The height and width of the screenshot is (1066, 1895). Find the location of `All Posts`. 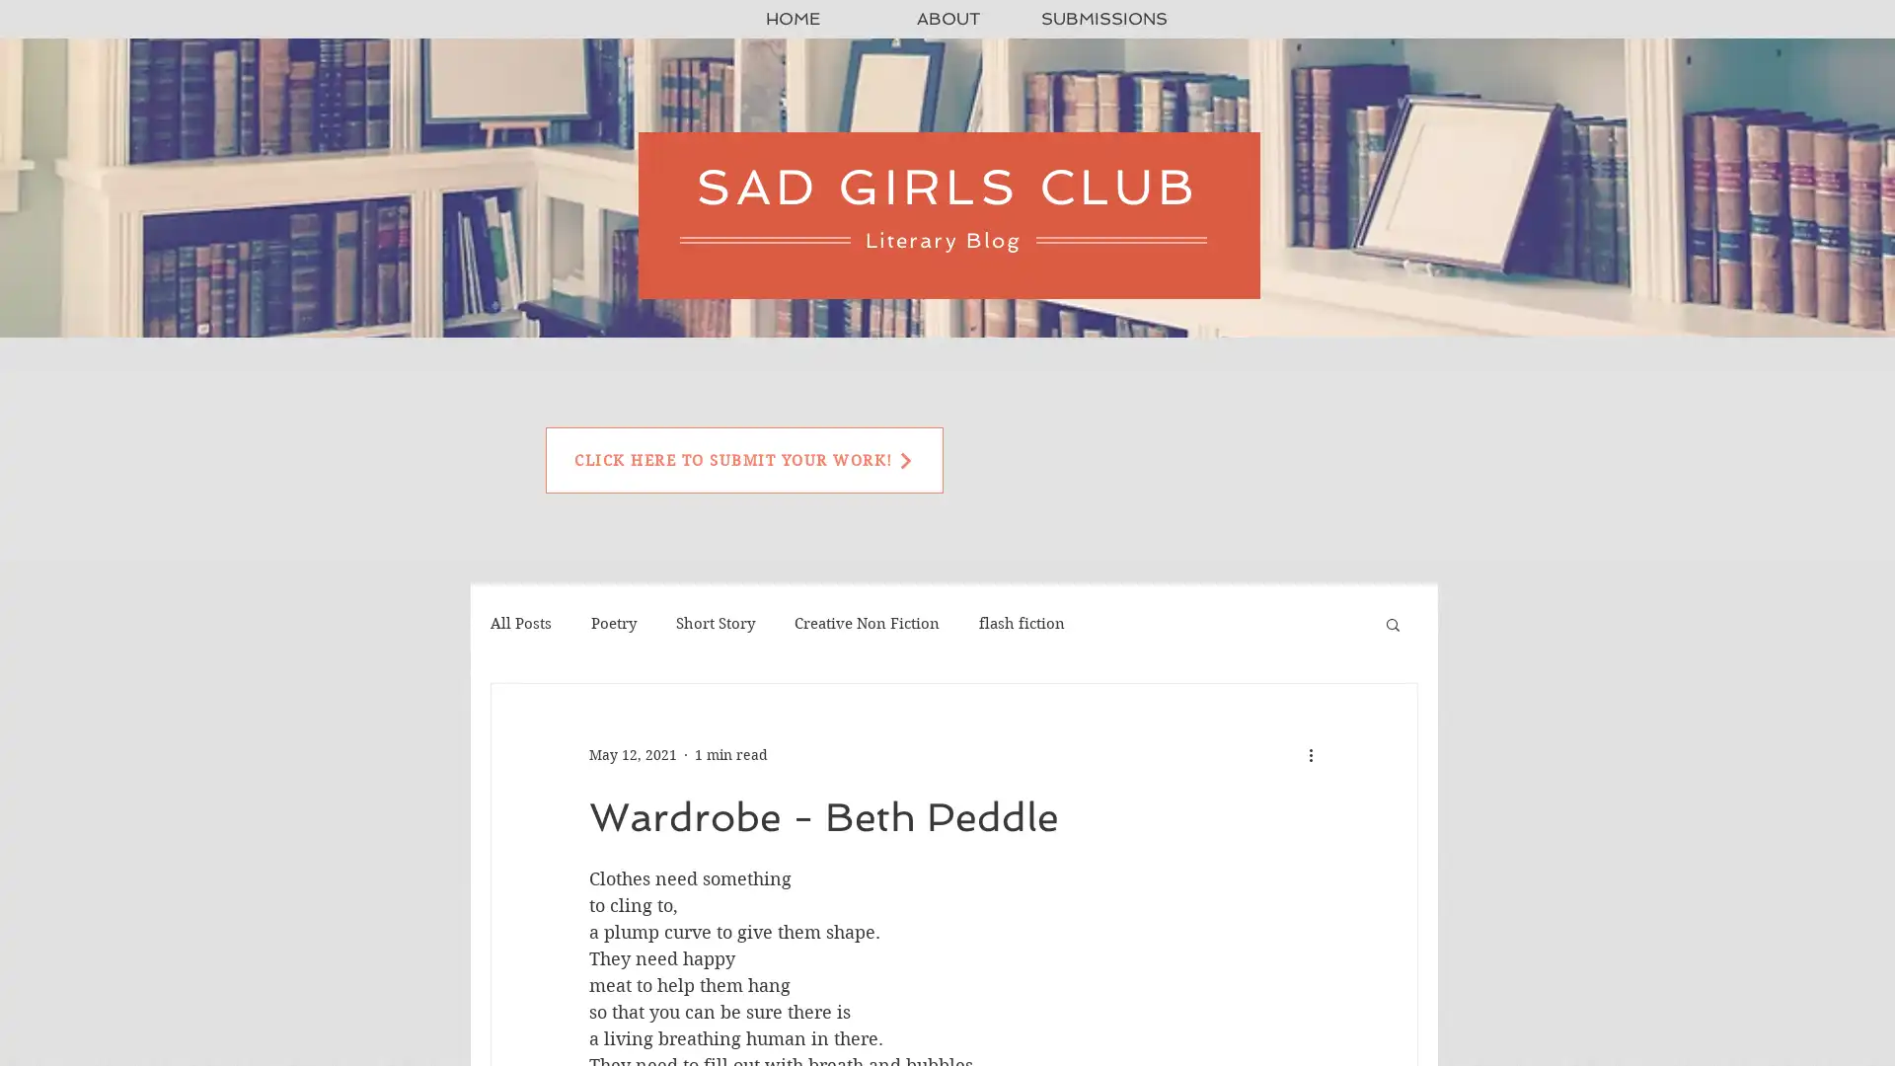

All Posts is located at coordinates (521, 624).